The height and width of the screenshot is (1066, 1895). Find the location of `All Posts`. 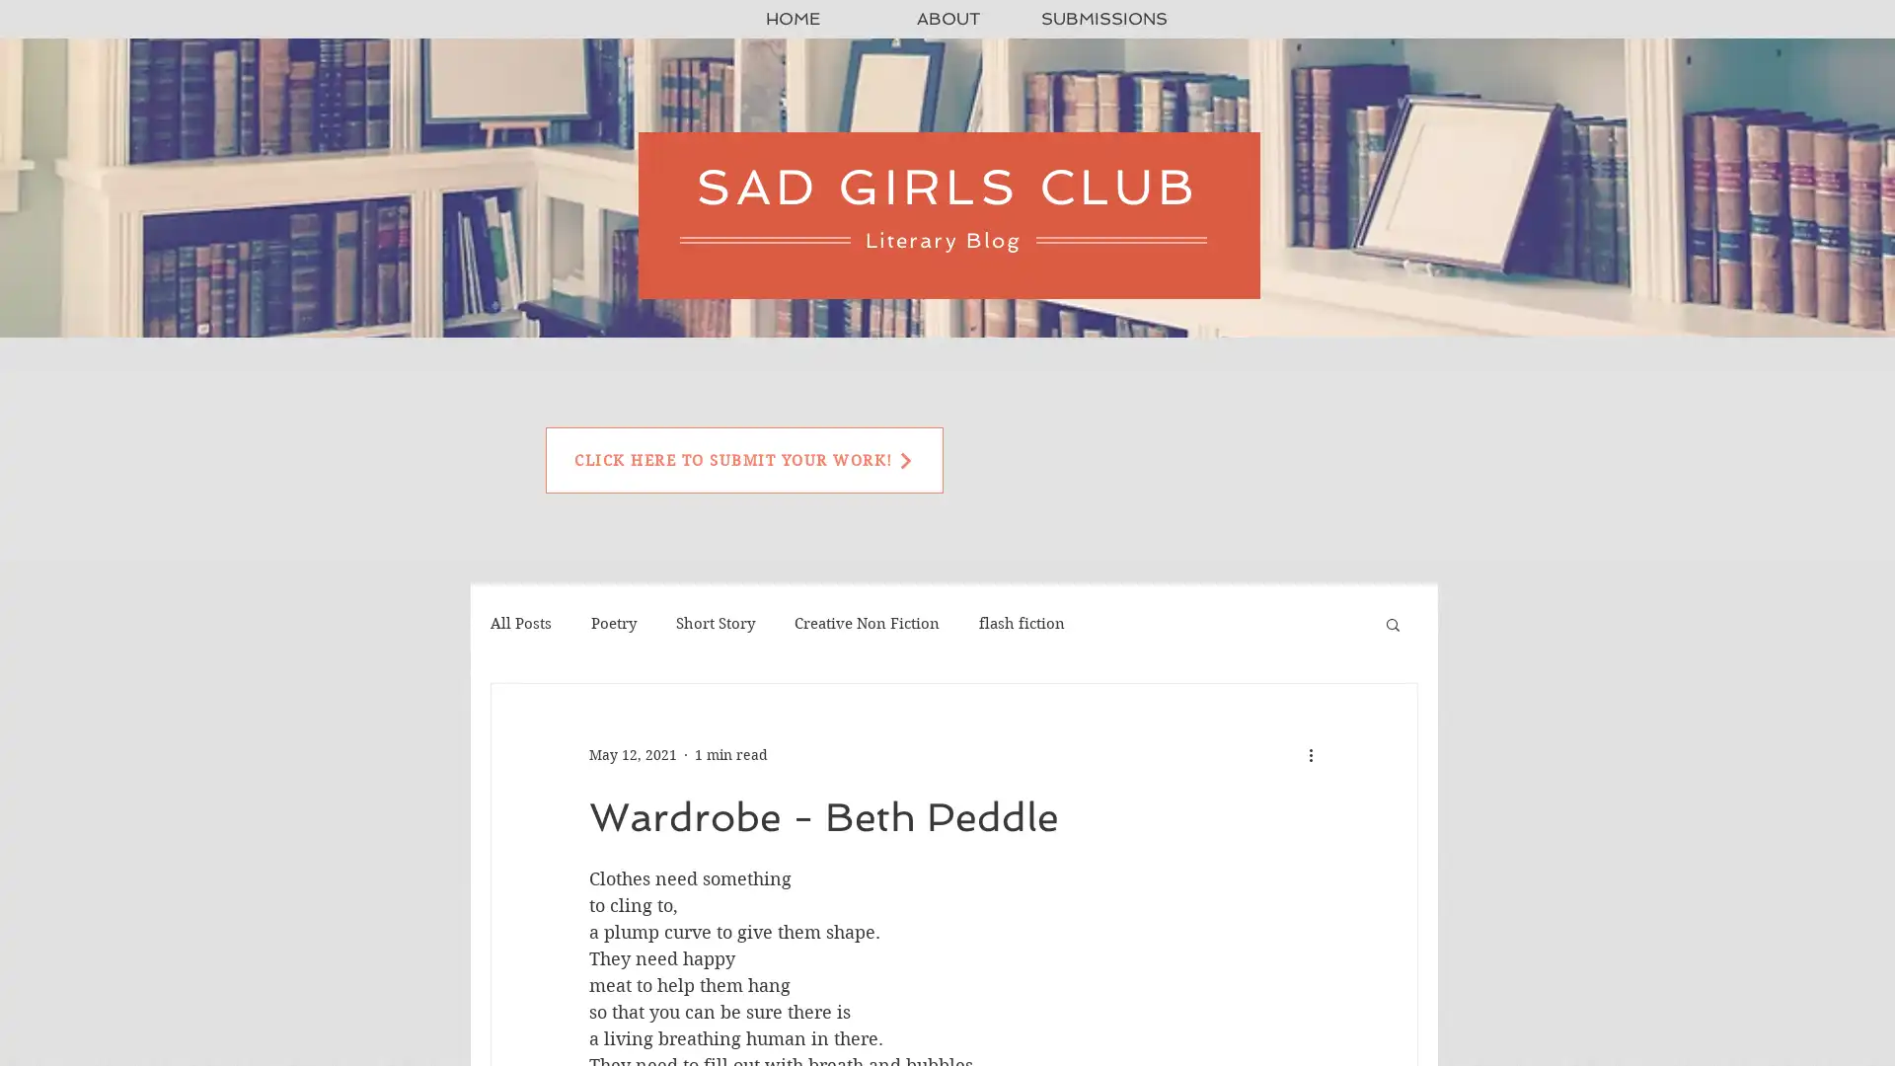

All Posts is located at coordinates (521, 624).